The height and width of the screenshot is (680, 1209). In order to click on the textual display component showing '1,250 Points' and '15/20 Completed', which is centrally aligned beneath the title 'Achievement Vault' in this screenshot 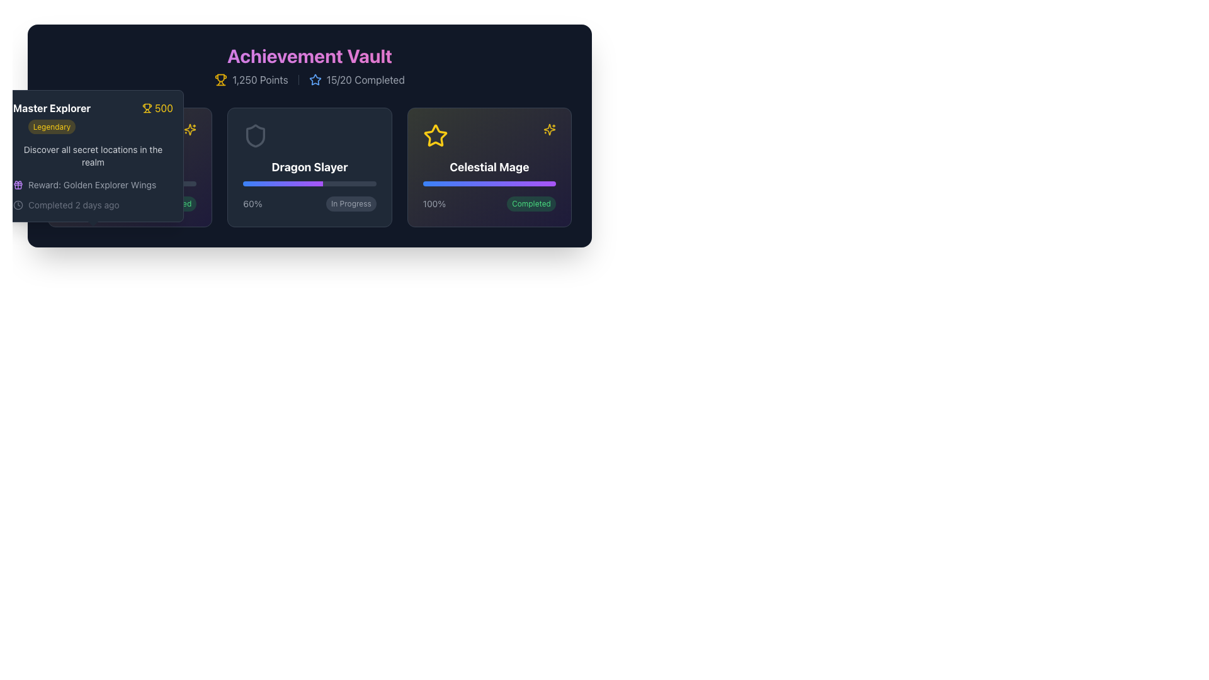, I will do `click(309, 80)`.